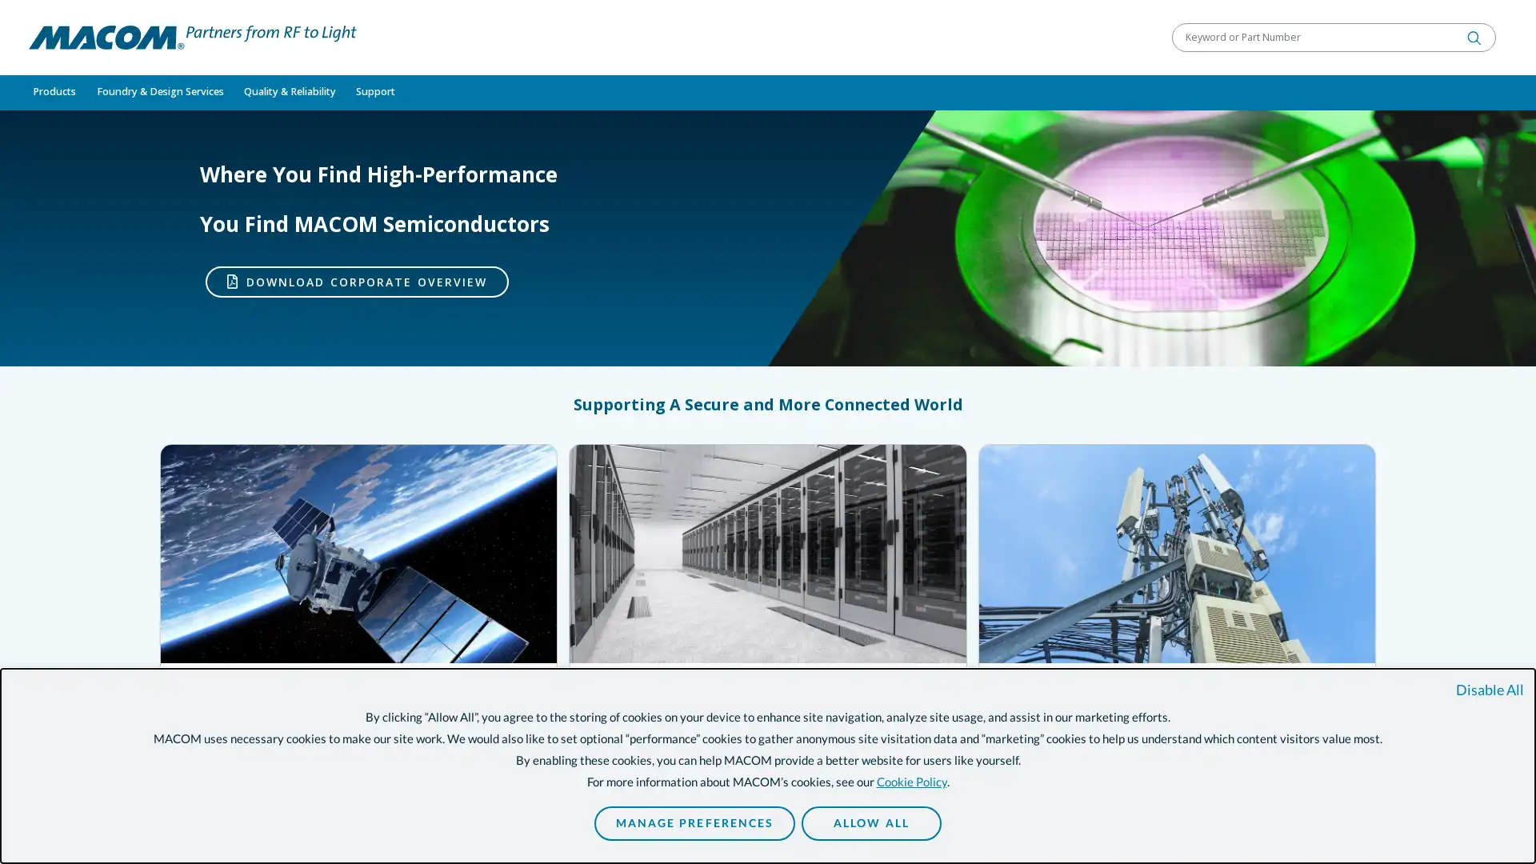 This screenshot has width=1536, height=864. Describe the element at coordinates (694, 823) in the screenshot. I see `MANAGE PREFERENCES` at that location.